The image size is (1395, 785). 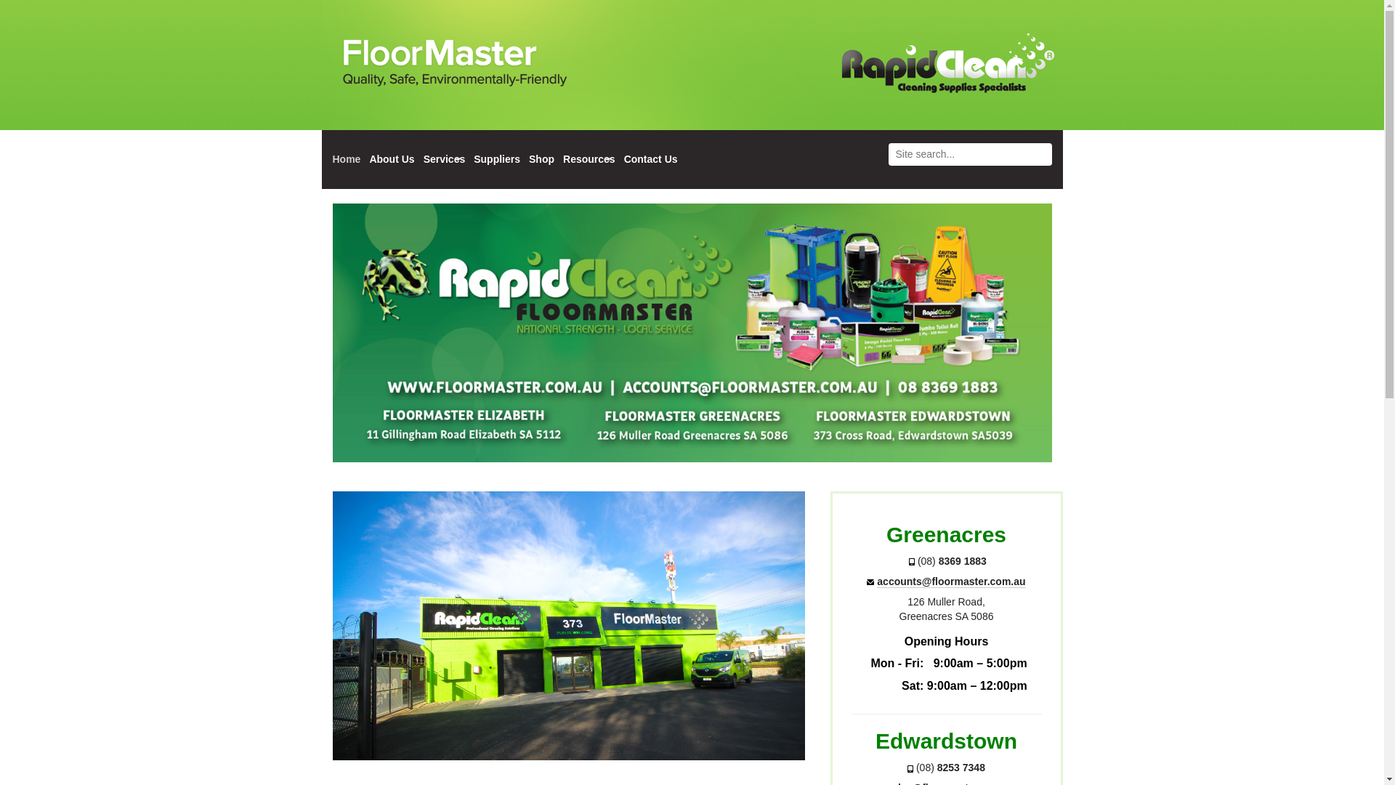 I want to click on 'Services', so click(x=443, y=159).